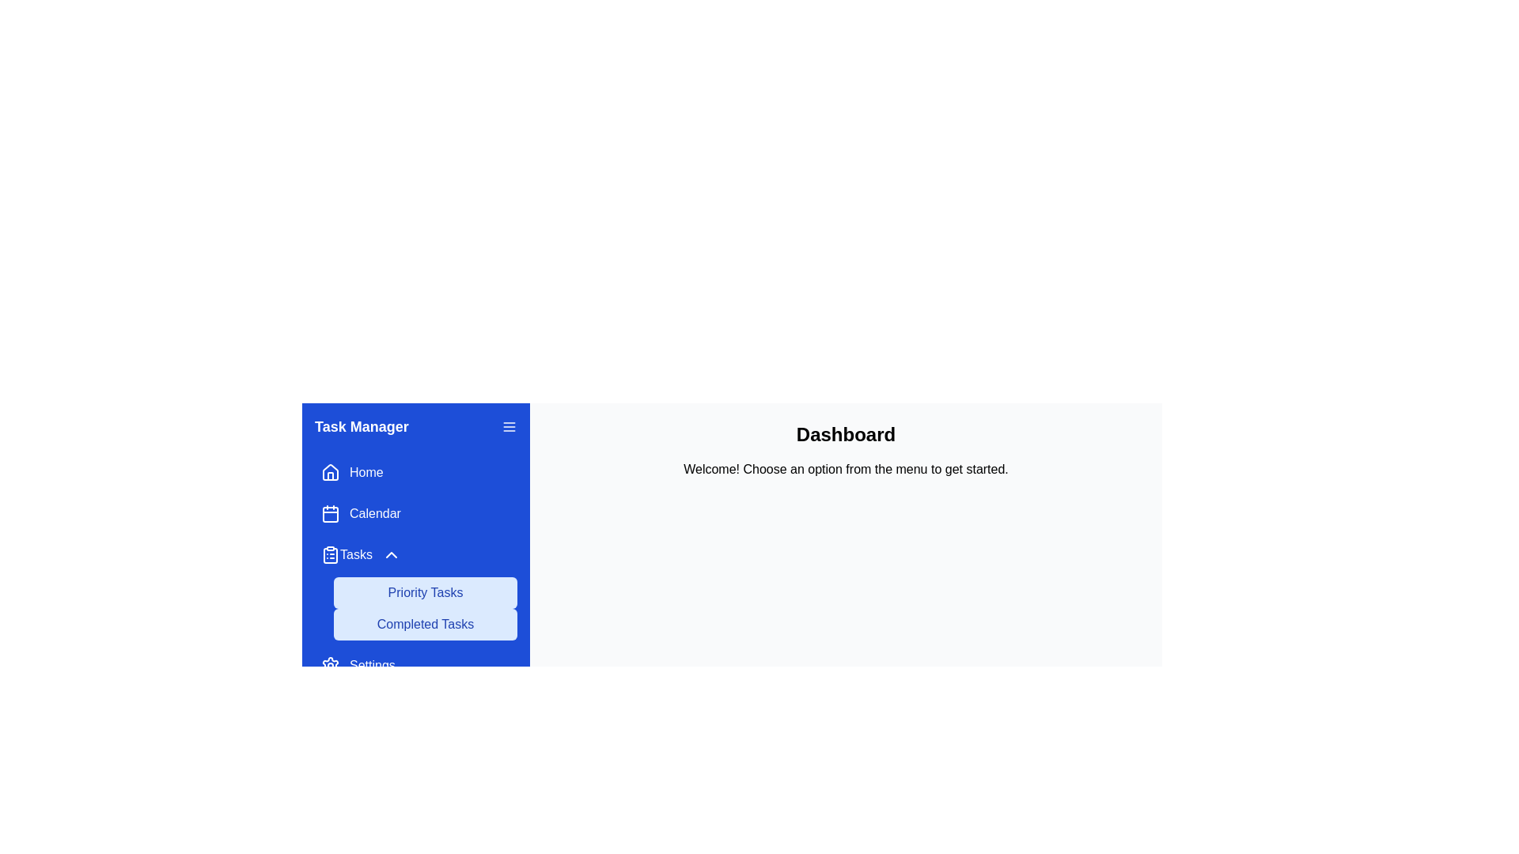  Describe the element at coordinates (509, 427) in the screenshot. I see `the button located` at that location.